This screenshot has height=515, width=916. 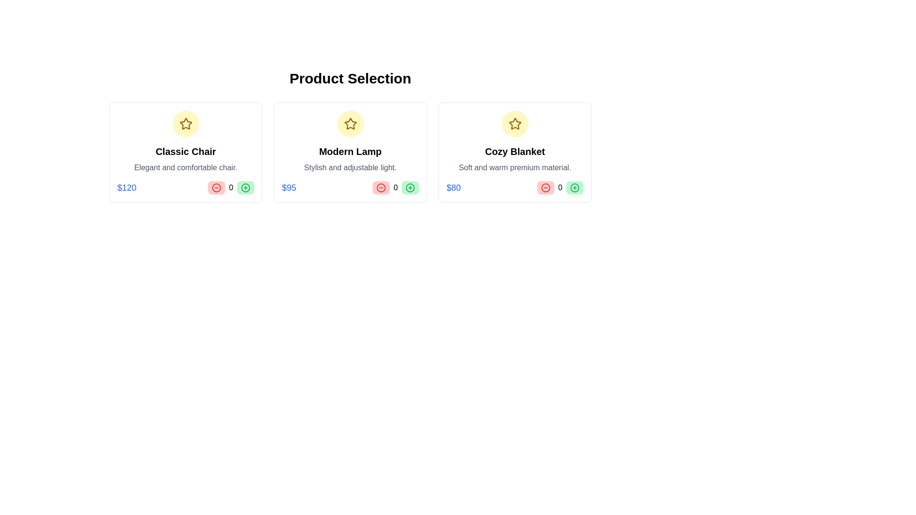 What do you see at coordinates (245, 187) in the screenshot?
I see `the green circular button with a plus sign located at the bottom right corner of the 'Classic Chair' card` at bounding box center [245, 187].